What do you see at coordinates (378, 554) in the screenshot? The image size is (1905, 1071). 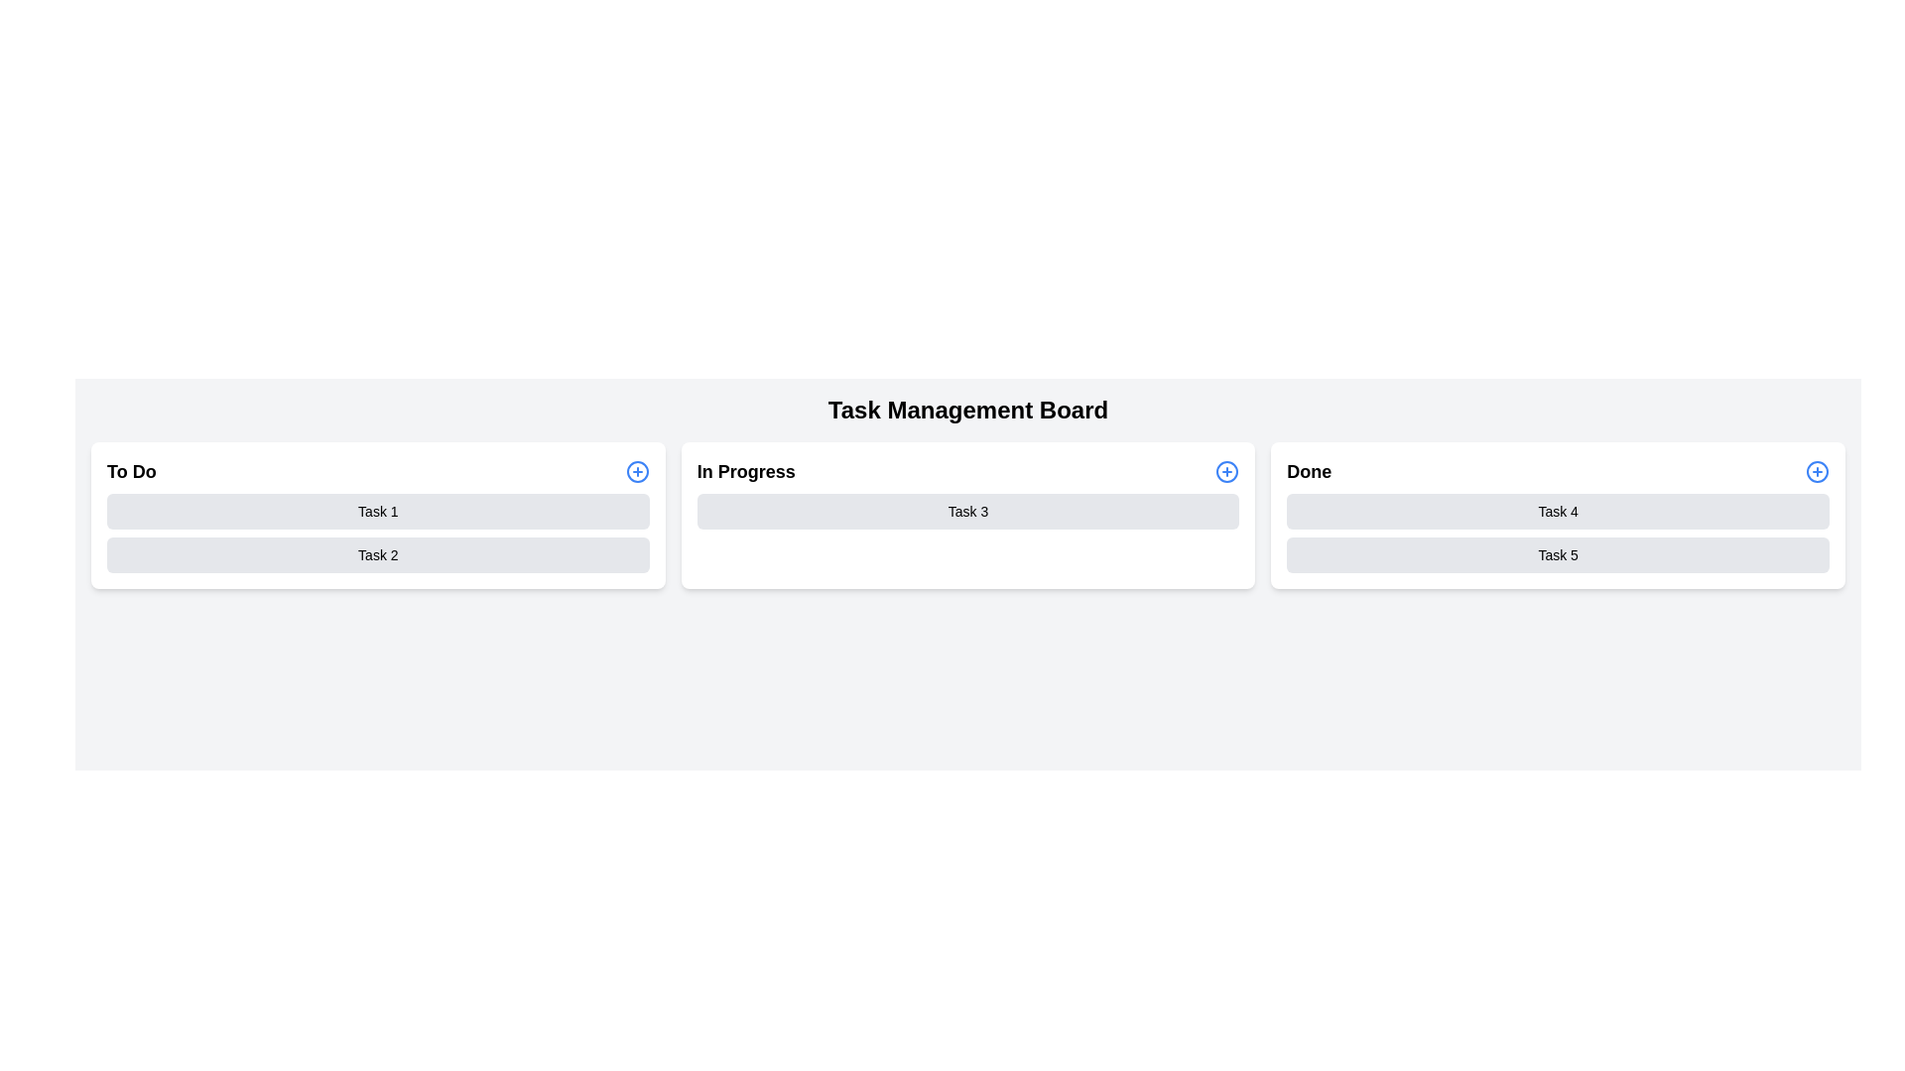 I see `to select the second task in the 'To Do' column of the task management board` at bounding box center [378, 554].